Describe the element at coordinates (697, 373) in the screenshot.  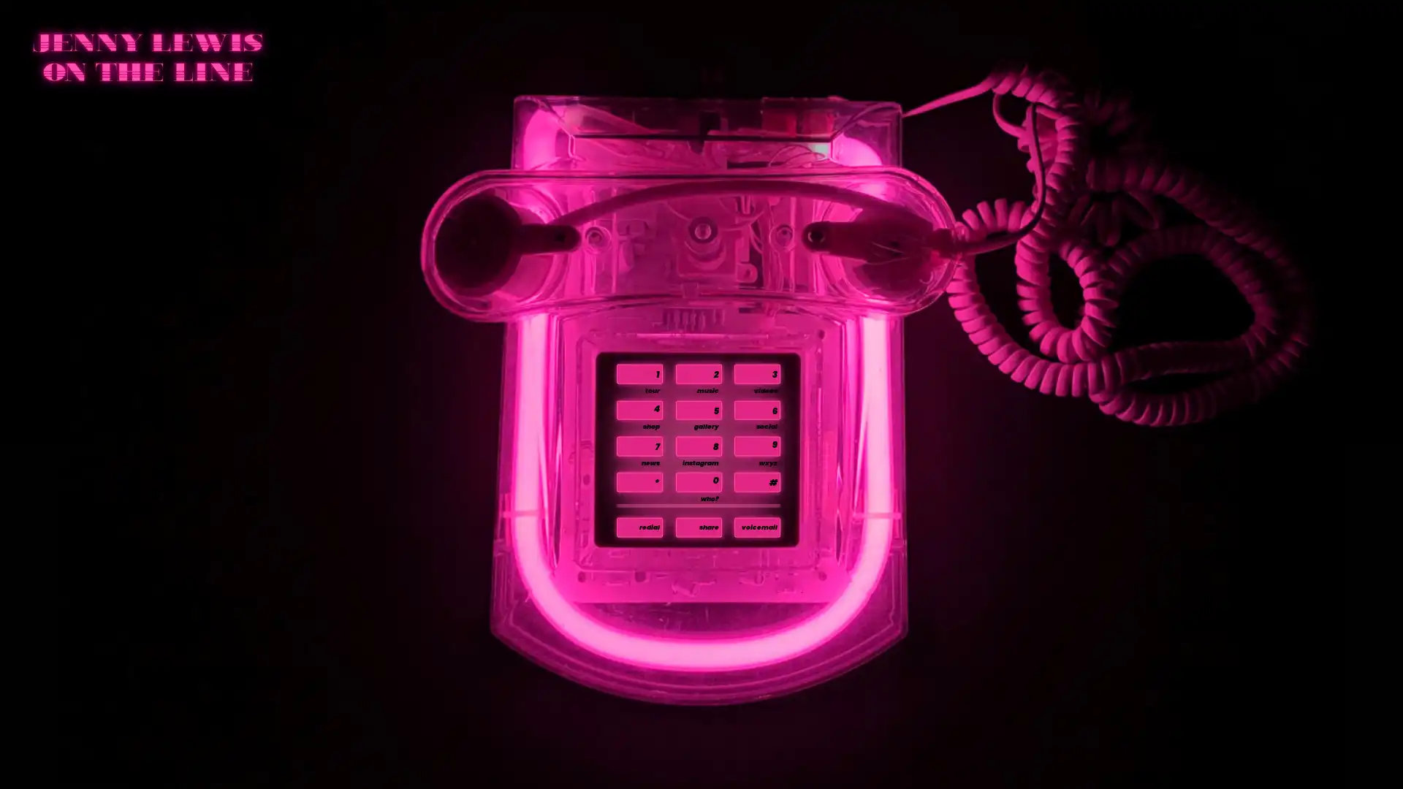
I see `2 music` at that location.